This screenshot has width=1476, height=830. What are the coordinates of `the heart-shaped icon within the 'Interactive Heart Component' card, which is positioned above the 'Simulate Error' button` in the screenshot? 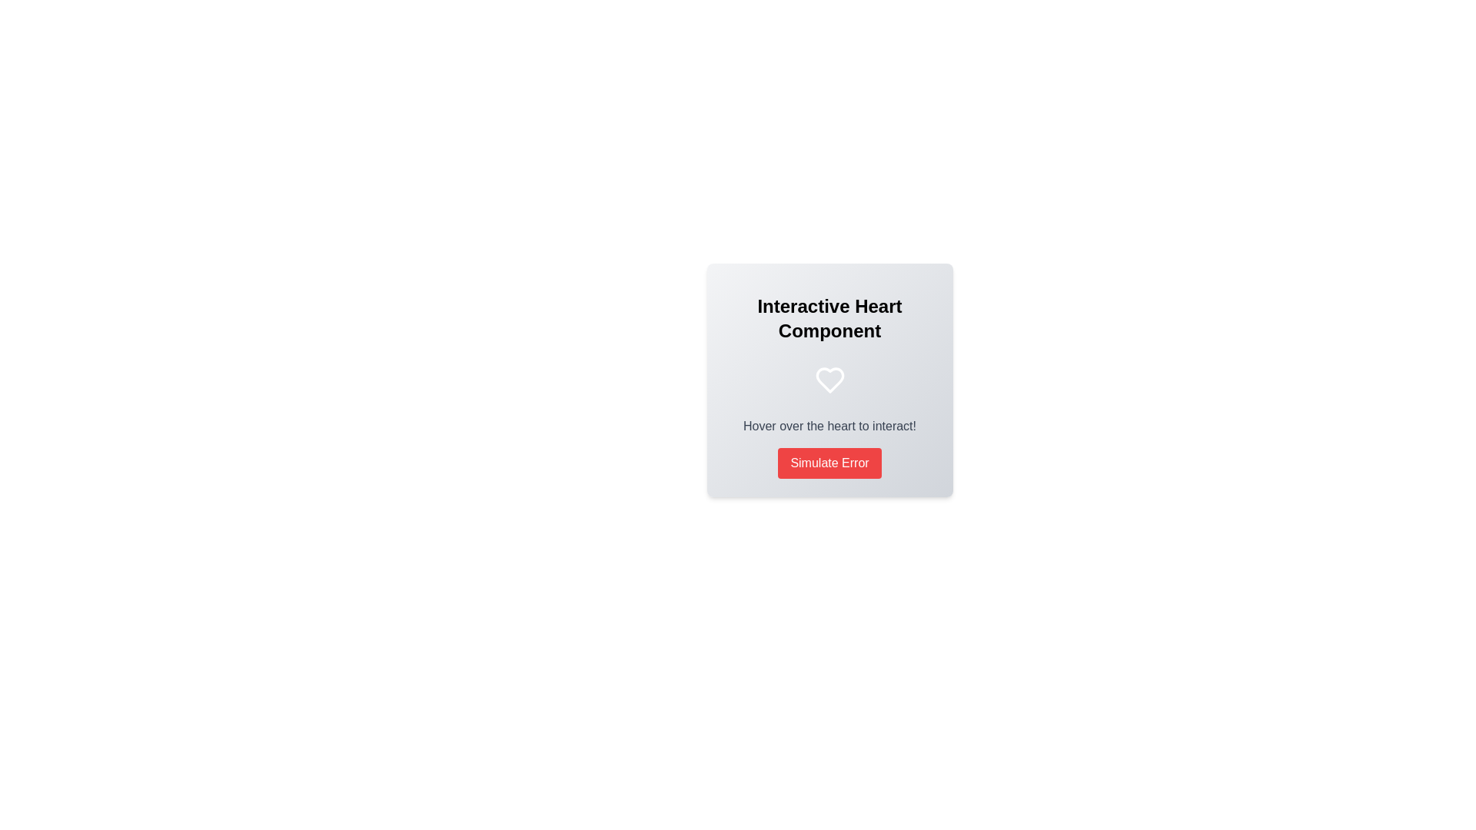 It's located at (829, 380).